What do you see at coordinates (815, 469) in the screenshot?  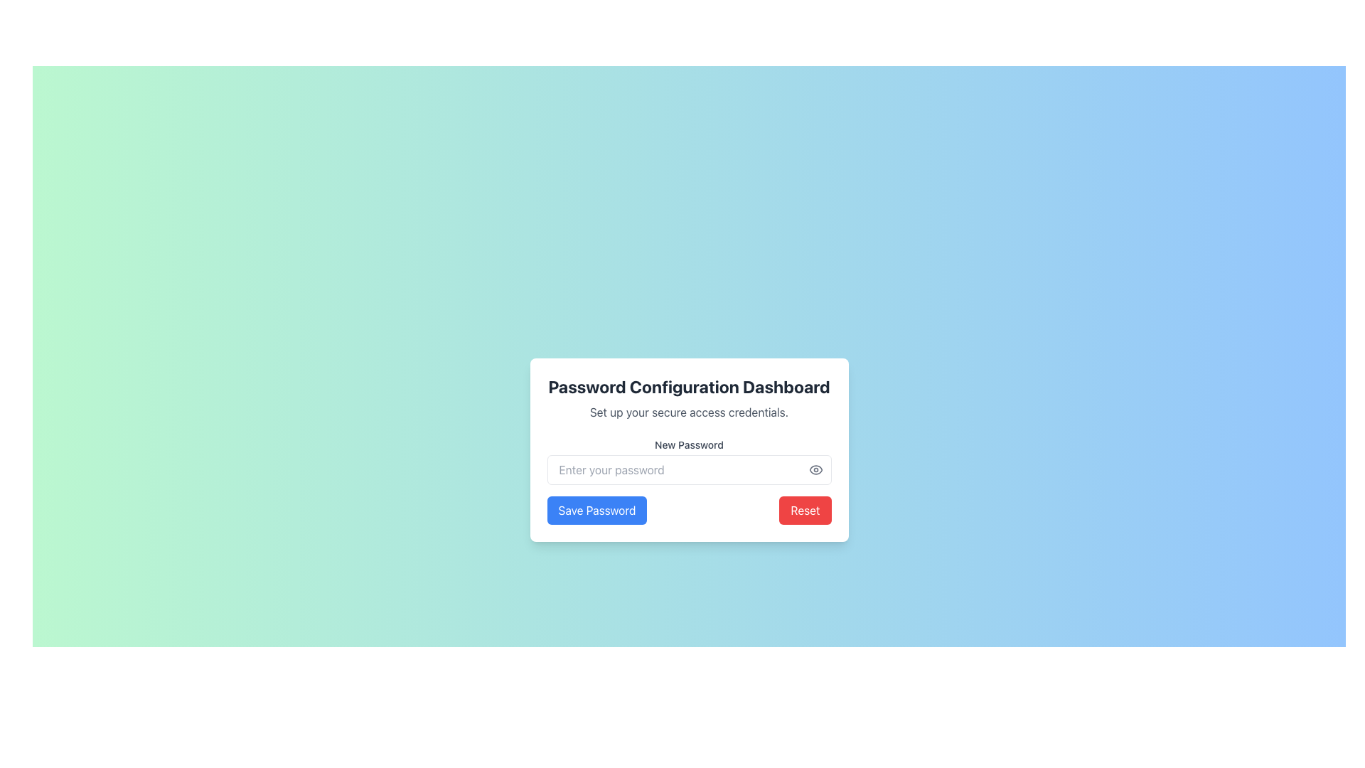 I see `the small gray eye-shaped visibility toggle icon located on the right-most side of the password input field` at bounding box center [815, 469].